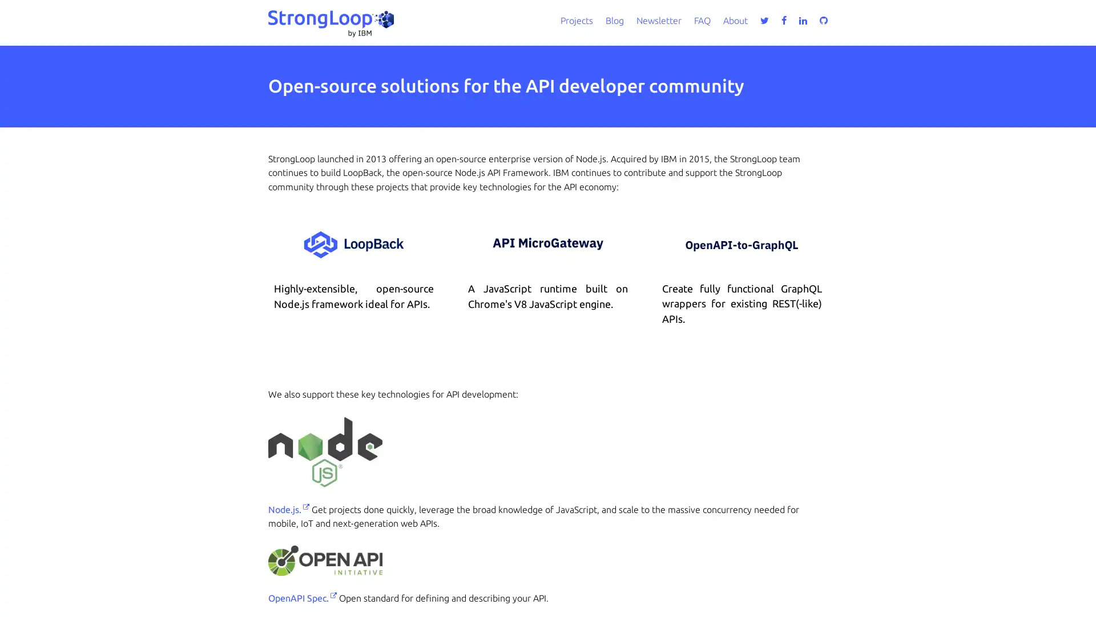 The height and width of the screenshot is (617, 1096). Describe the element at coordinates (1004, 538) in the screenshot. I see `Accept all` at that location.